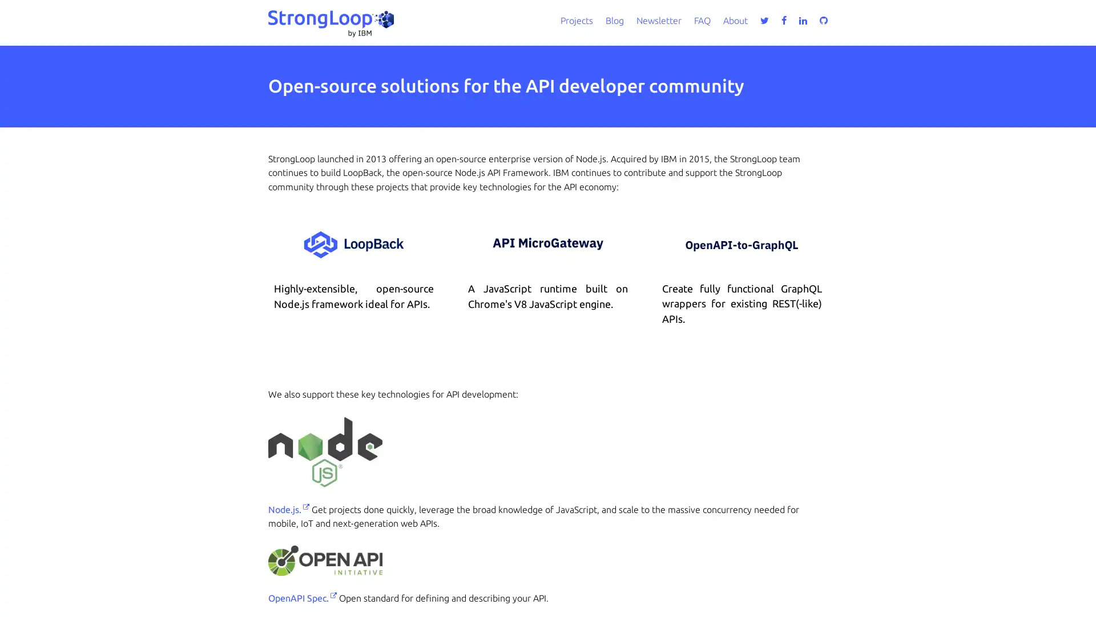 The height and width of the screenshot is (617, 1096). Describe the element at coordinates (1004, 538) in the screenshot. I see `Accept all` at that location.